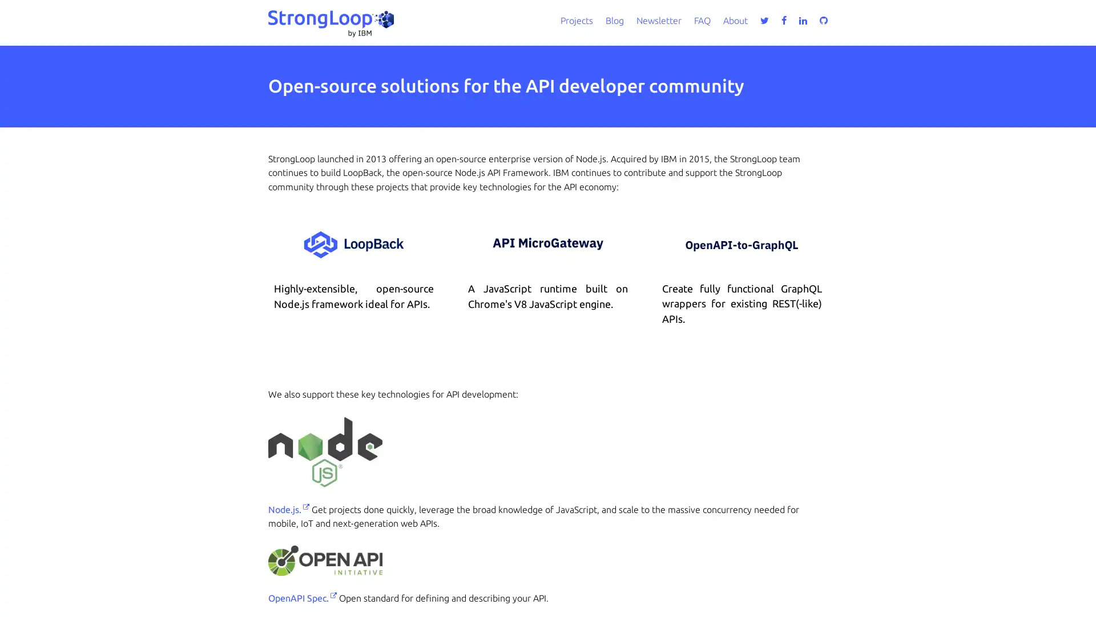 The height and width of the screenshot is (617, 1096). Describe the element at coordinates (1004, 538) in the screenshot. I see `Accept all` at that location.